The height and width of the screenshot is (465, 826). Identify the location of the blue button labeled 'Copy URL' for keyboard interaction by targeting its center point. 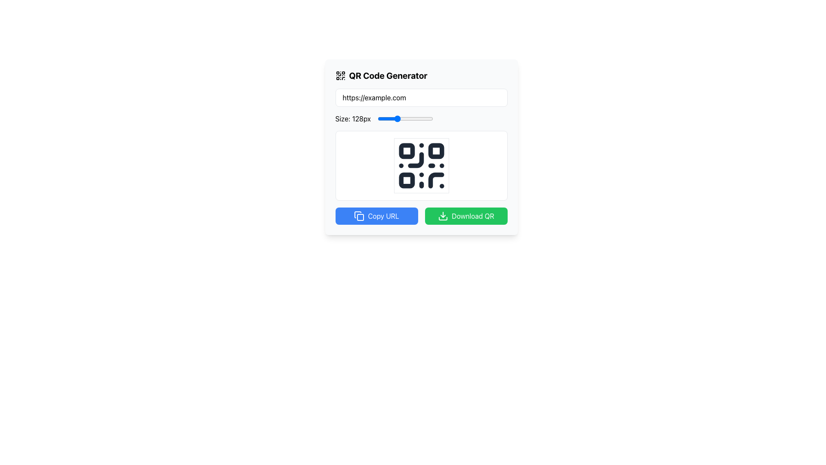
(376, 215).